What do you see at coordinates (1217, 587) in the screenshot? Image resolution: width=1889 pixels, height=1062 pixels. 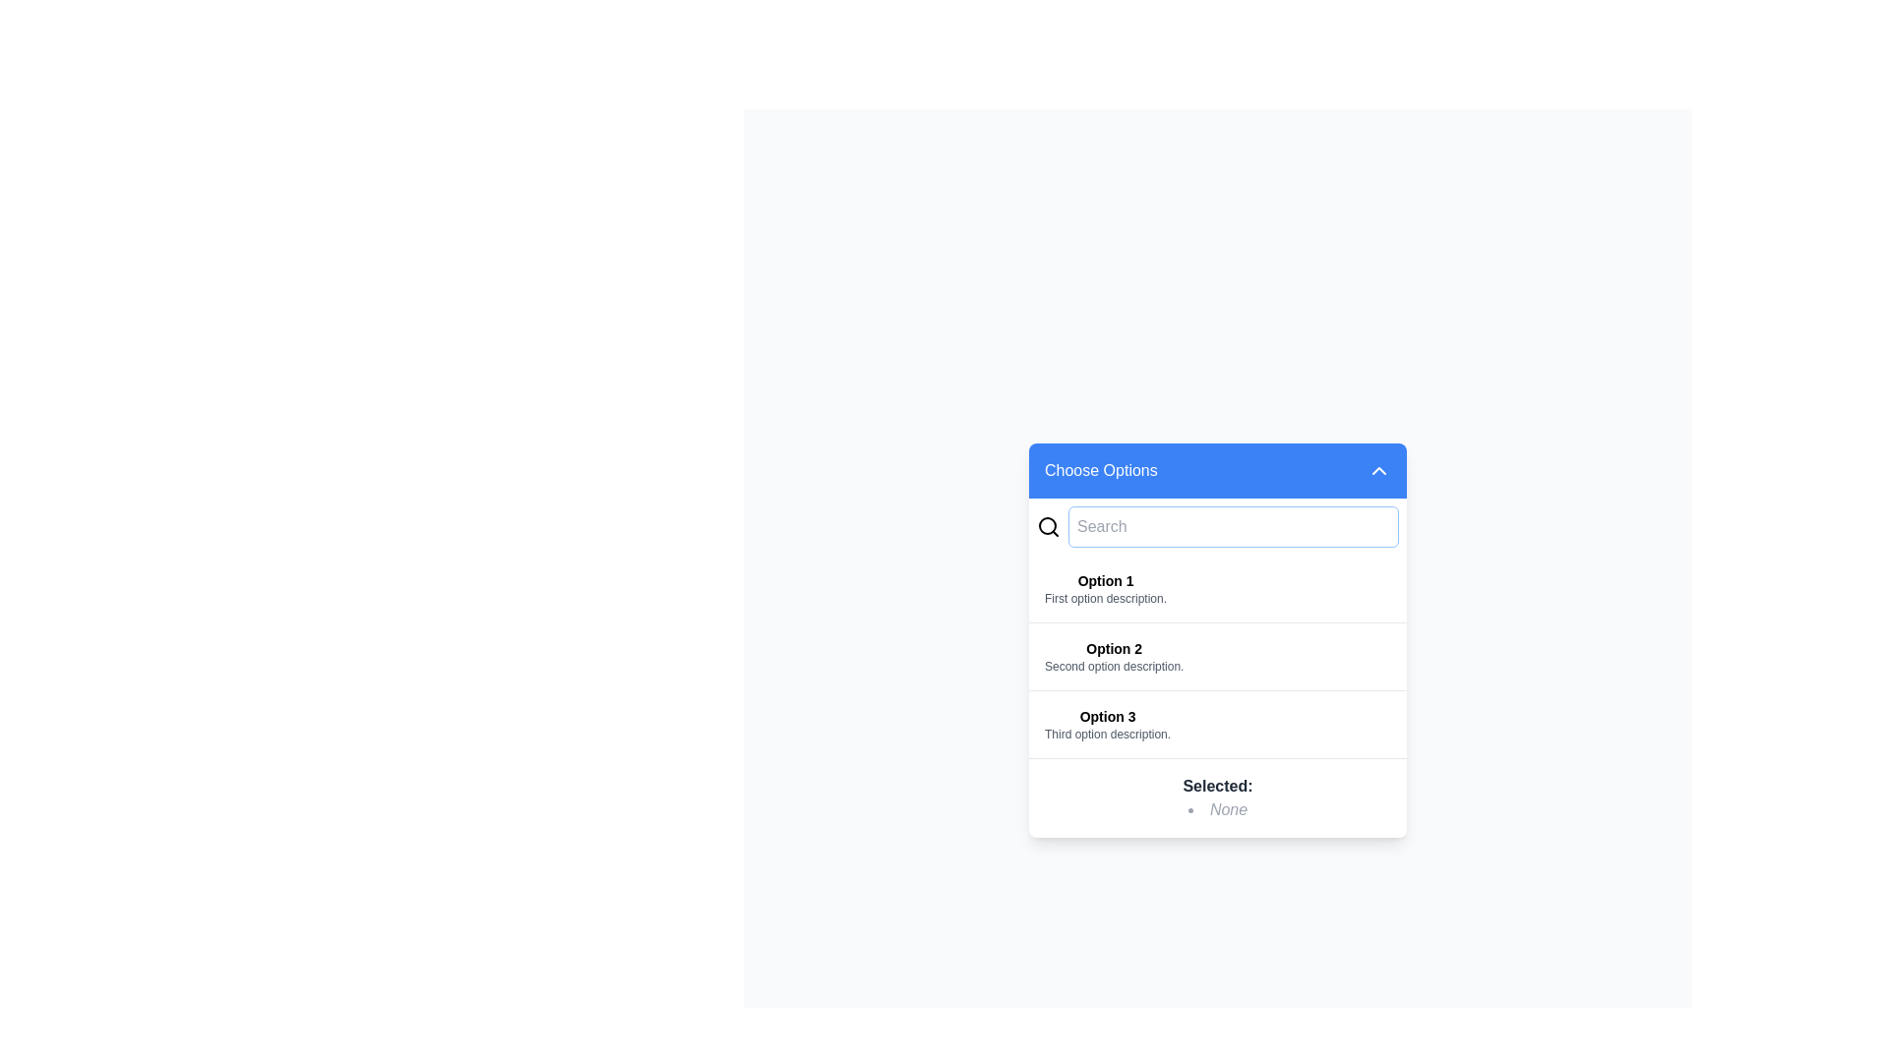 I see `the selectable list item labeled 'Option 1'` at bounding box center [1217, 587].